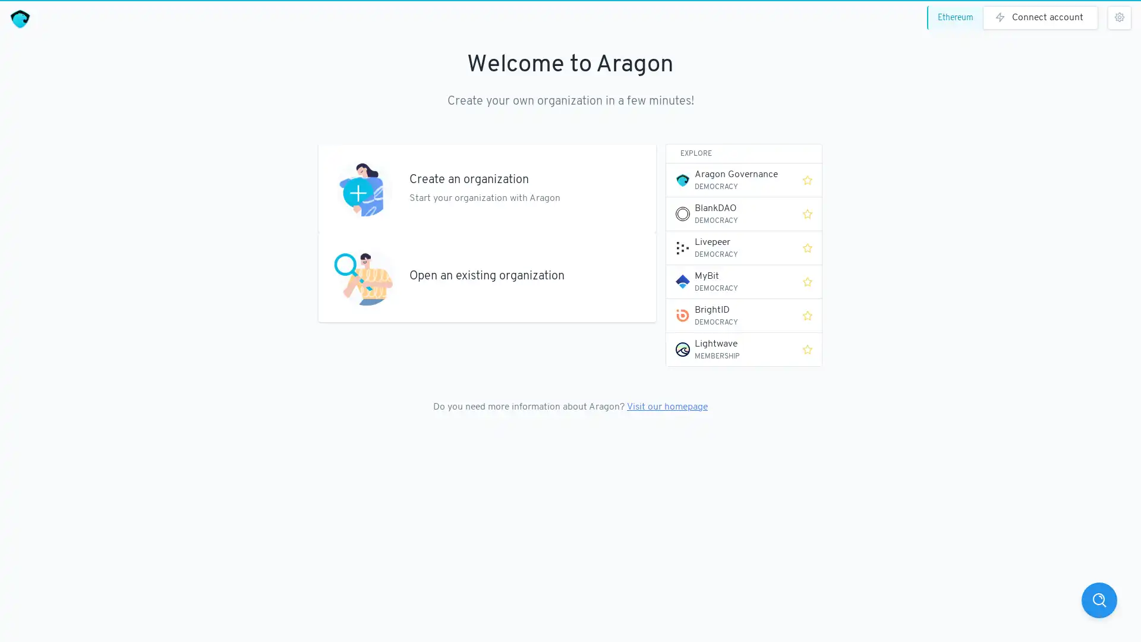 The image size is (1141, 642). I want to click on Ethereum, so click(957, 18).